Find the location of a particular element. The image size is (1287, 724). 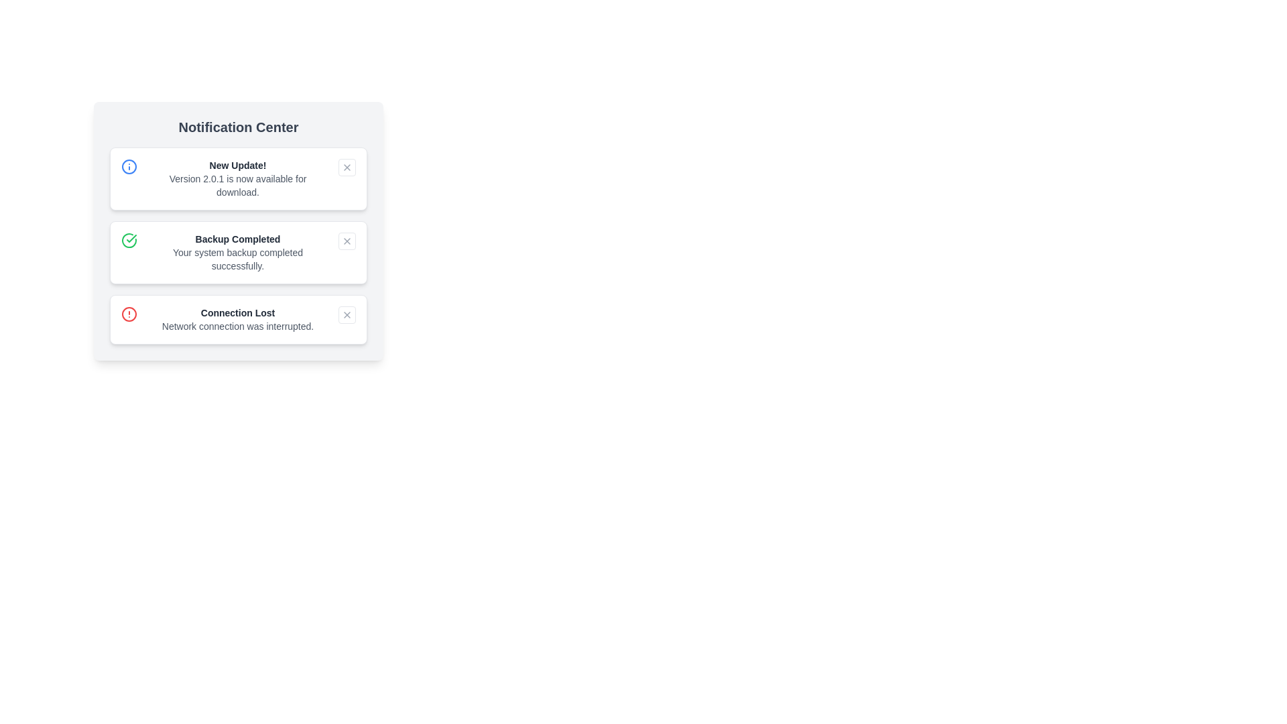

the blue circular icon with an 'i' symbol, located to the left of the notification text 'New Update! Version 2.0.1 is now available for download.' is located at coordinates (129, 166).